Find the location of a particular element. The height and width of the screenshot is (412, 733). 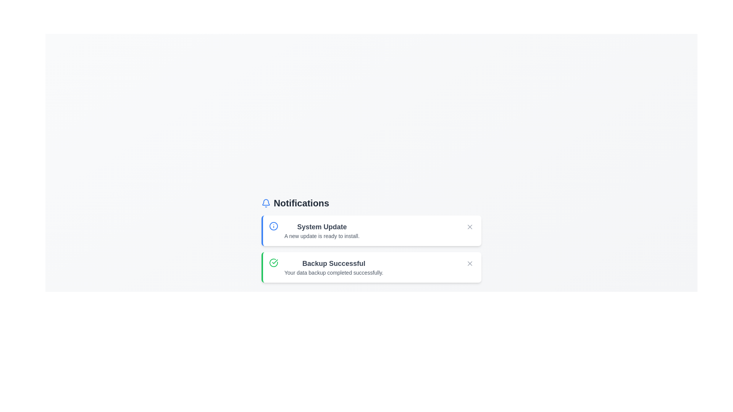

text from the notification header and description located within the notification card styled with a blue border, positioned beneath the page header 'Notifications' and above the notification titled 'Backup Successful.' is located at coordinates (322, 230).